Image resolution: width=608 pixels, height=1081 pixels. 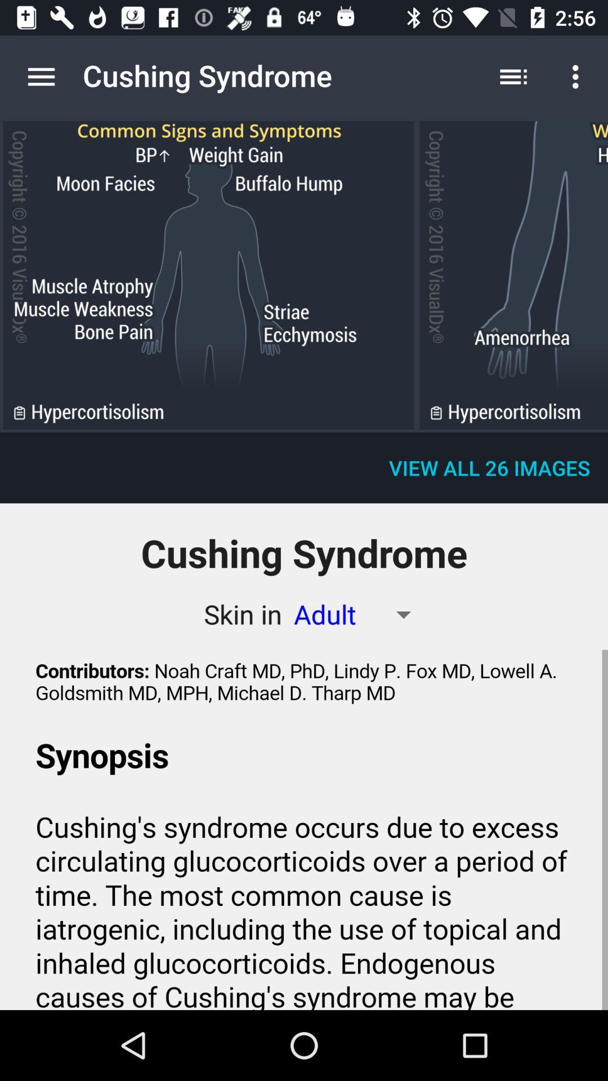 I want to click on skin the adult of the app, so click(x=208, y=275).